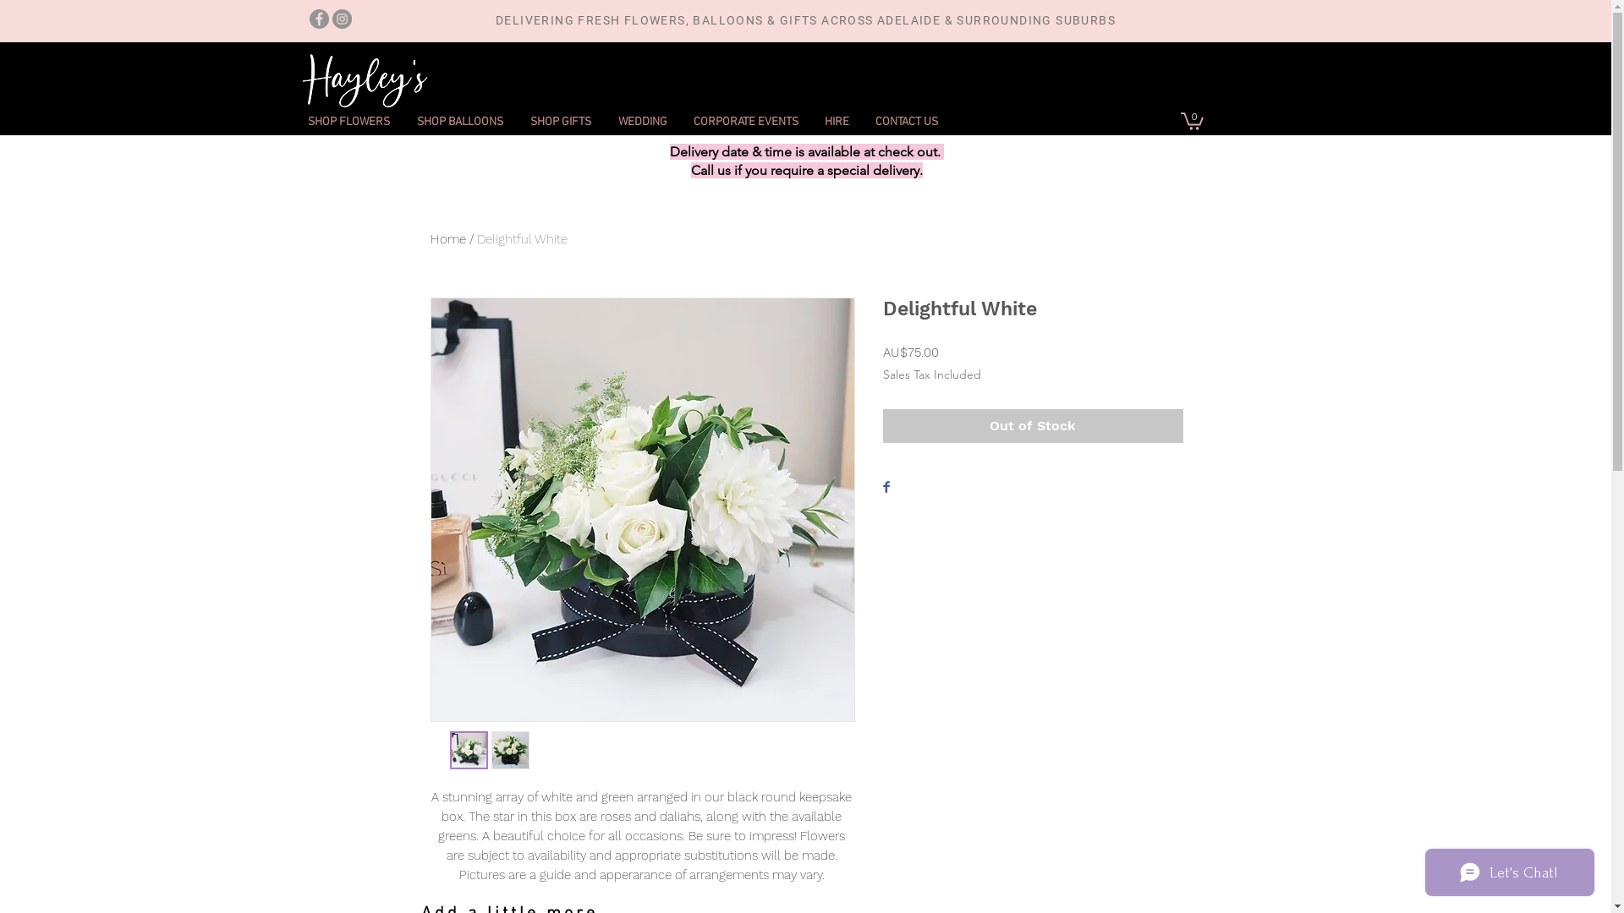  I want to click on 'SHOP FLOWERS', so click(348, 121).